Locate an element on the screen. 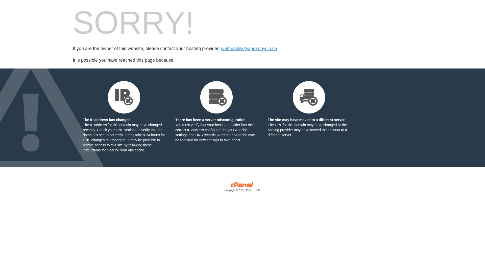 This screenshot has width=485, height=273. 'following these instructions' is located at coordinates (83, 147).